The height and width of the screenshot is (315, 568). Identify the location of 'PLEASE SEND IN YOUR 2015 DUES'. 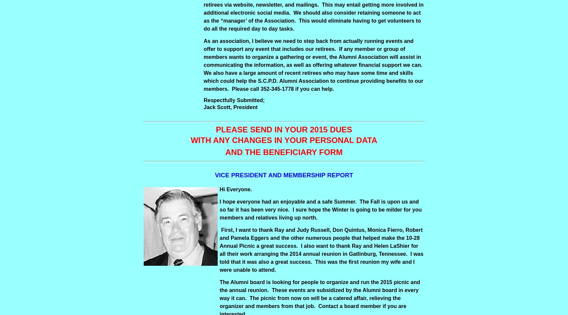
(283, 129).